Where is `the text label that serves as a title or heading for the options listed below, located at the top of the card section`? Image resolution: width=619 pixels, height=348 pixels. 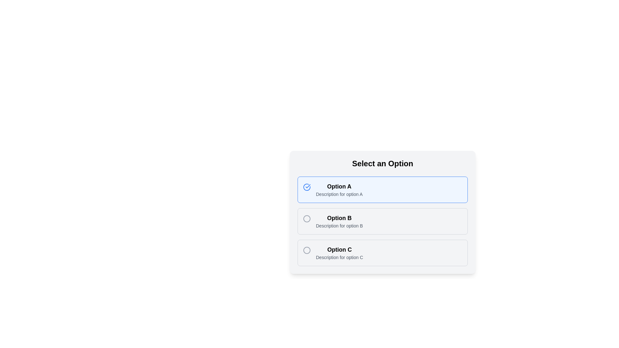 the text label that serves as a title or heading for the options listed below, located at the top of the card section is located at coordinates (382, 163).